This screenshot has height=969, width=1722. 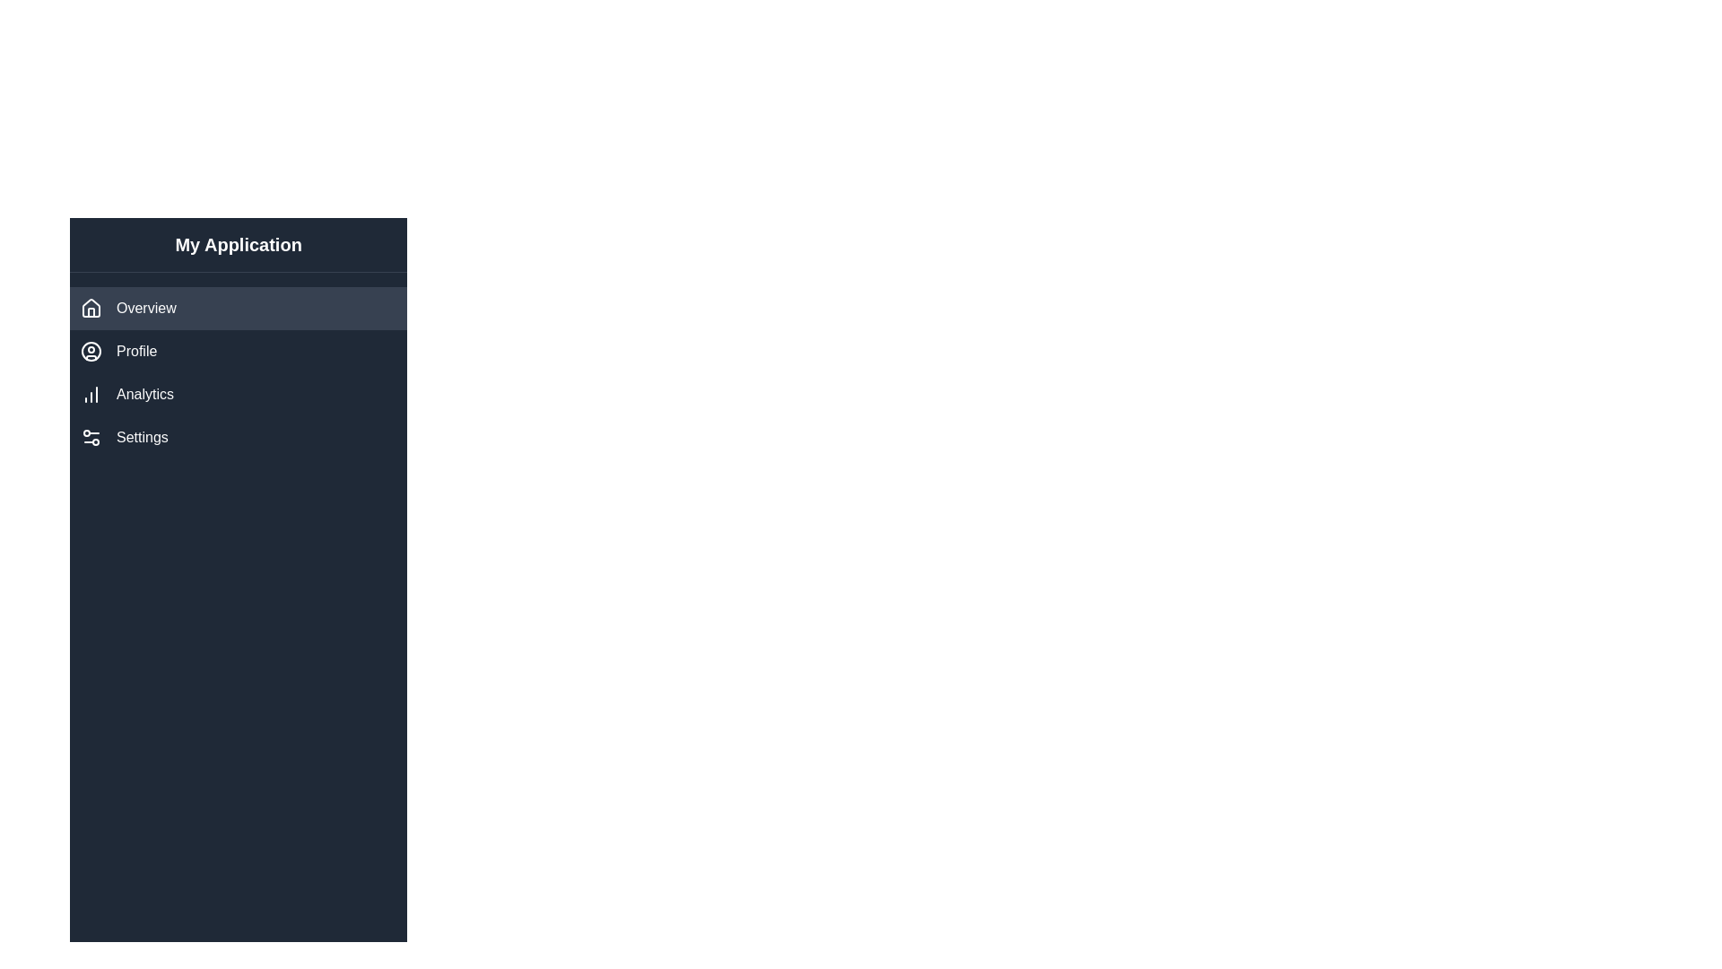 What do you see at coordinates (238, 352) in the screenshot?
I see `the Profile menu item, which is the second item in the vertical stack of menu options` at bounding box center [238, 352].